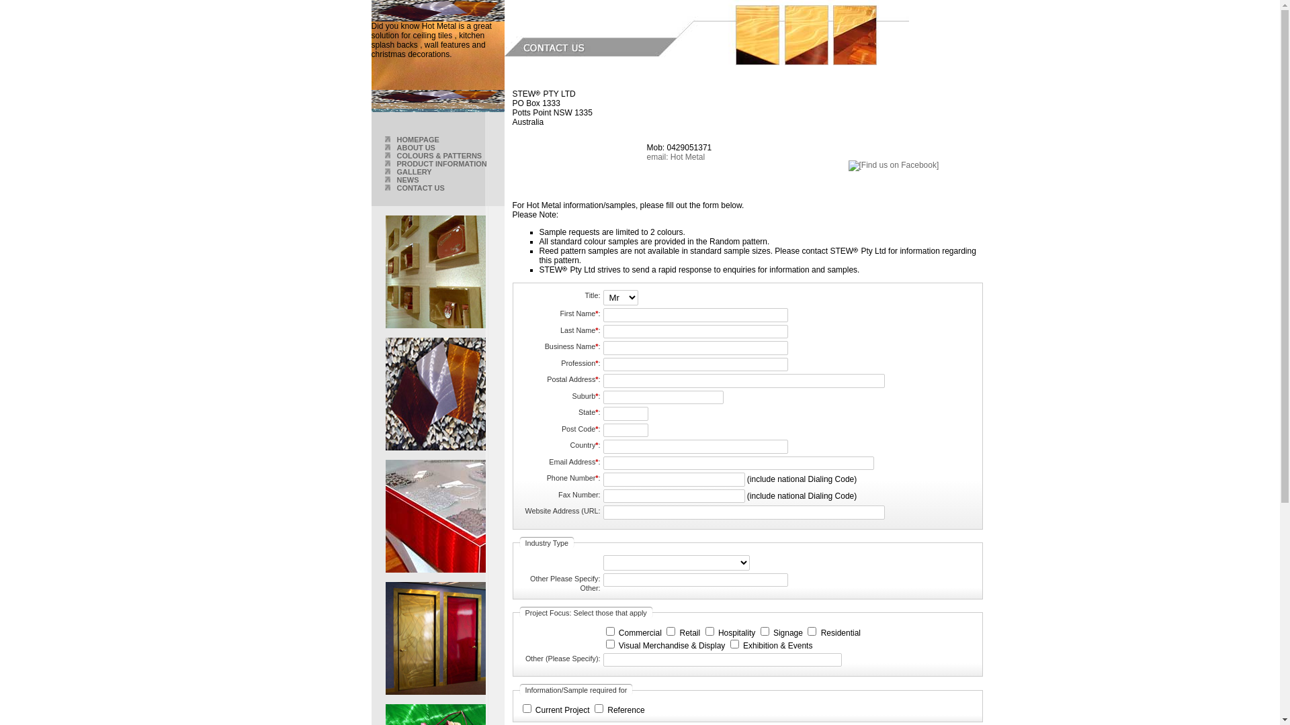  Describe the element at coordinates (439, 154) in the screenshot. I see `'COLOURS & PATTERNS'` at that location.